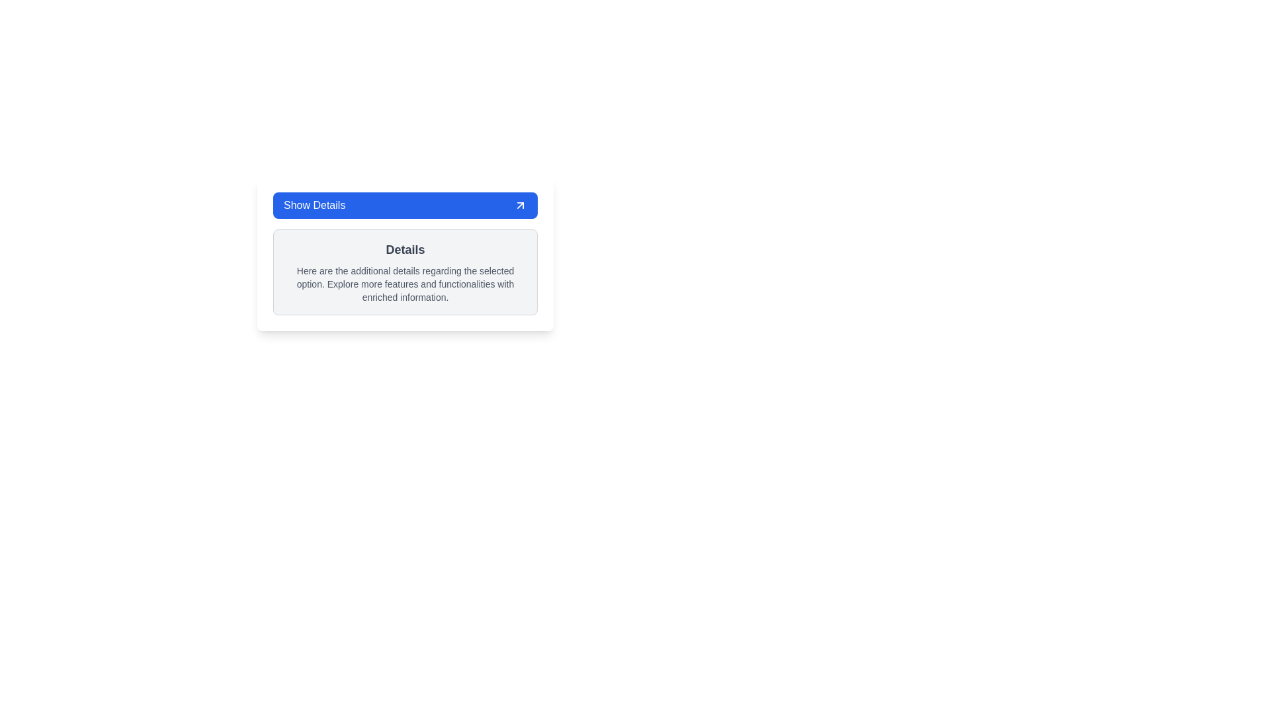 The height and width of the screenshot is (714, 1270). What do you see at coordinates (314, 206) in the screenshot?
I see `the text label inside the blue button at the top of the card, which indicates the function` at bounding box center [314, 206].